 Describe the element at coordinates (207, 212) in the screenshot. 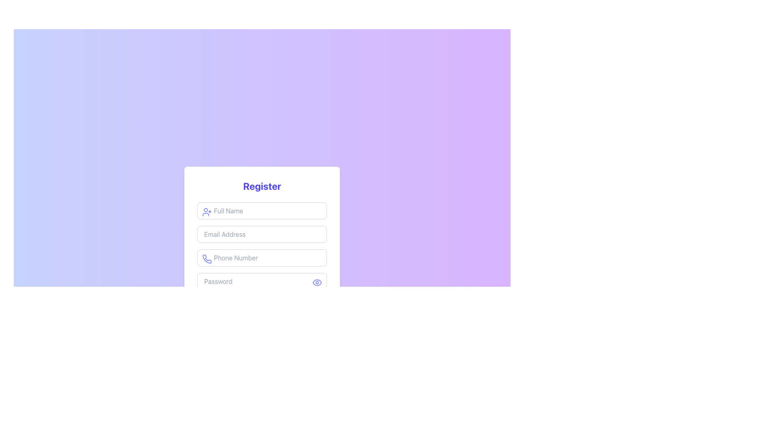

I see `the user-related functionality icon located at the top-left corner of the 'Full Name' input field in the registration form` at that location.